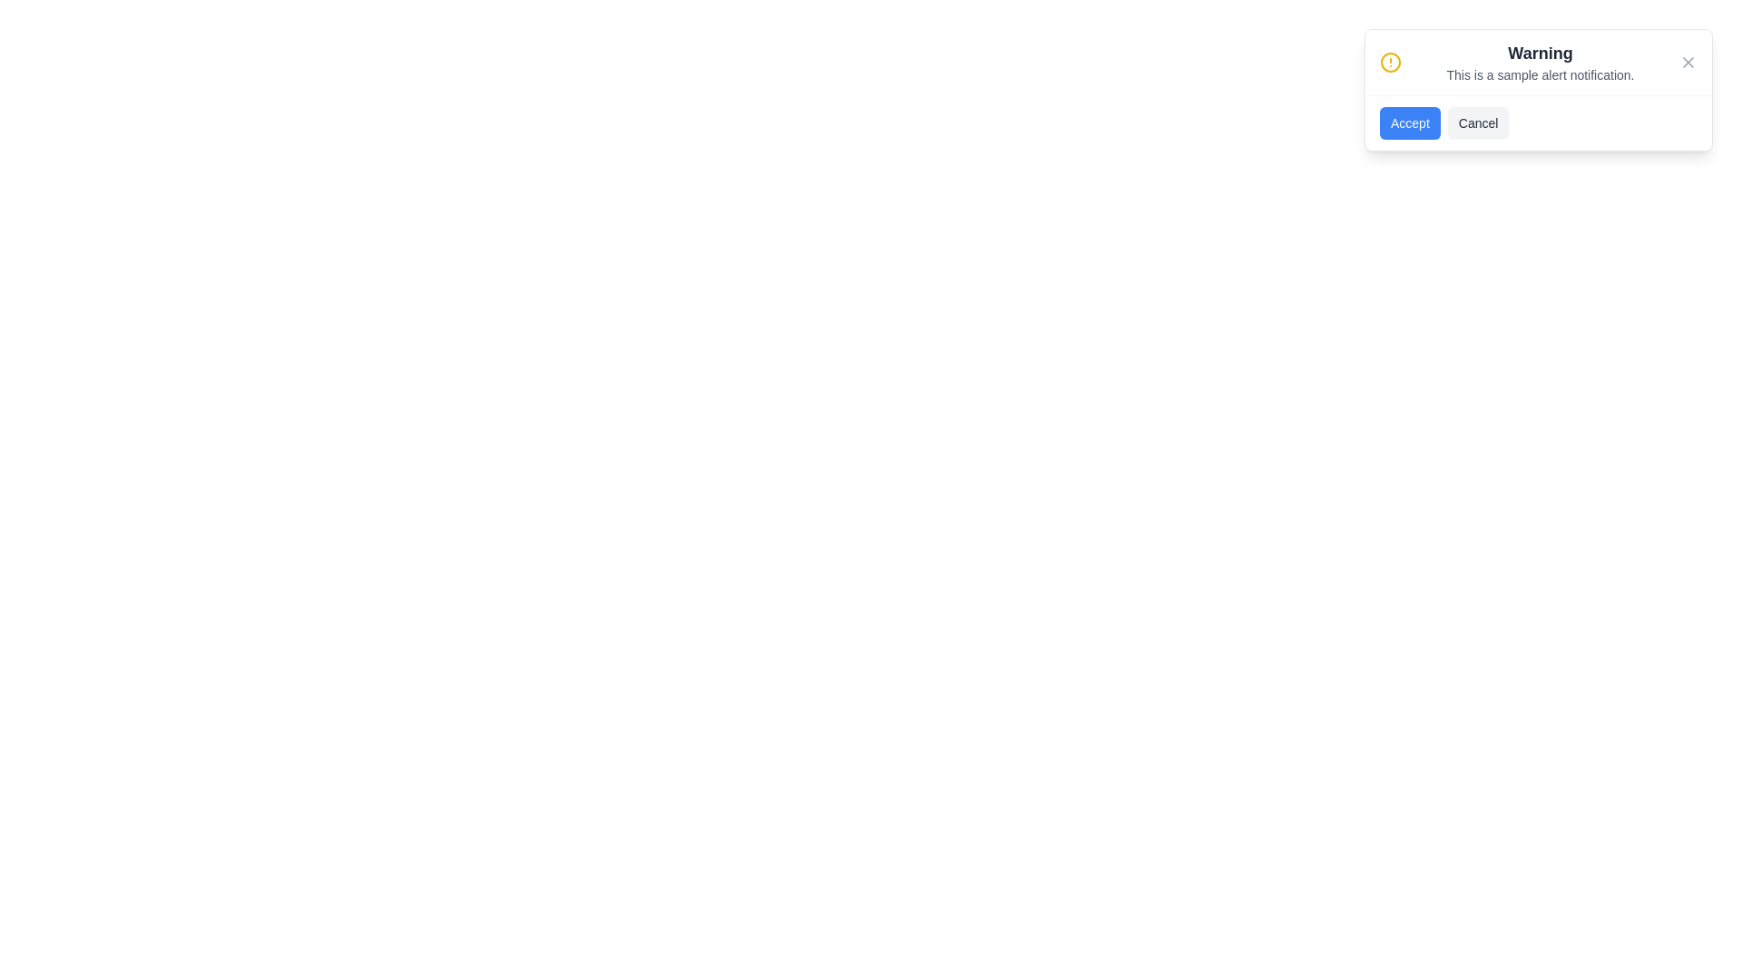  What do you see at coordinates (1688, 62) in the screenshot?
I see `the close button located at the top-right corner of the alert notification` at bounding box center [1688, 62].